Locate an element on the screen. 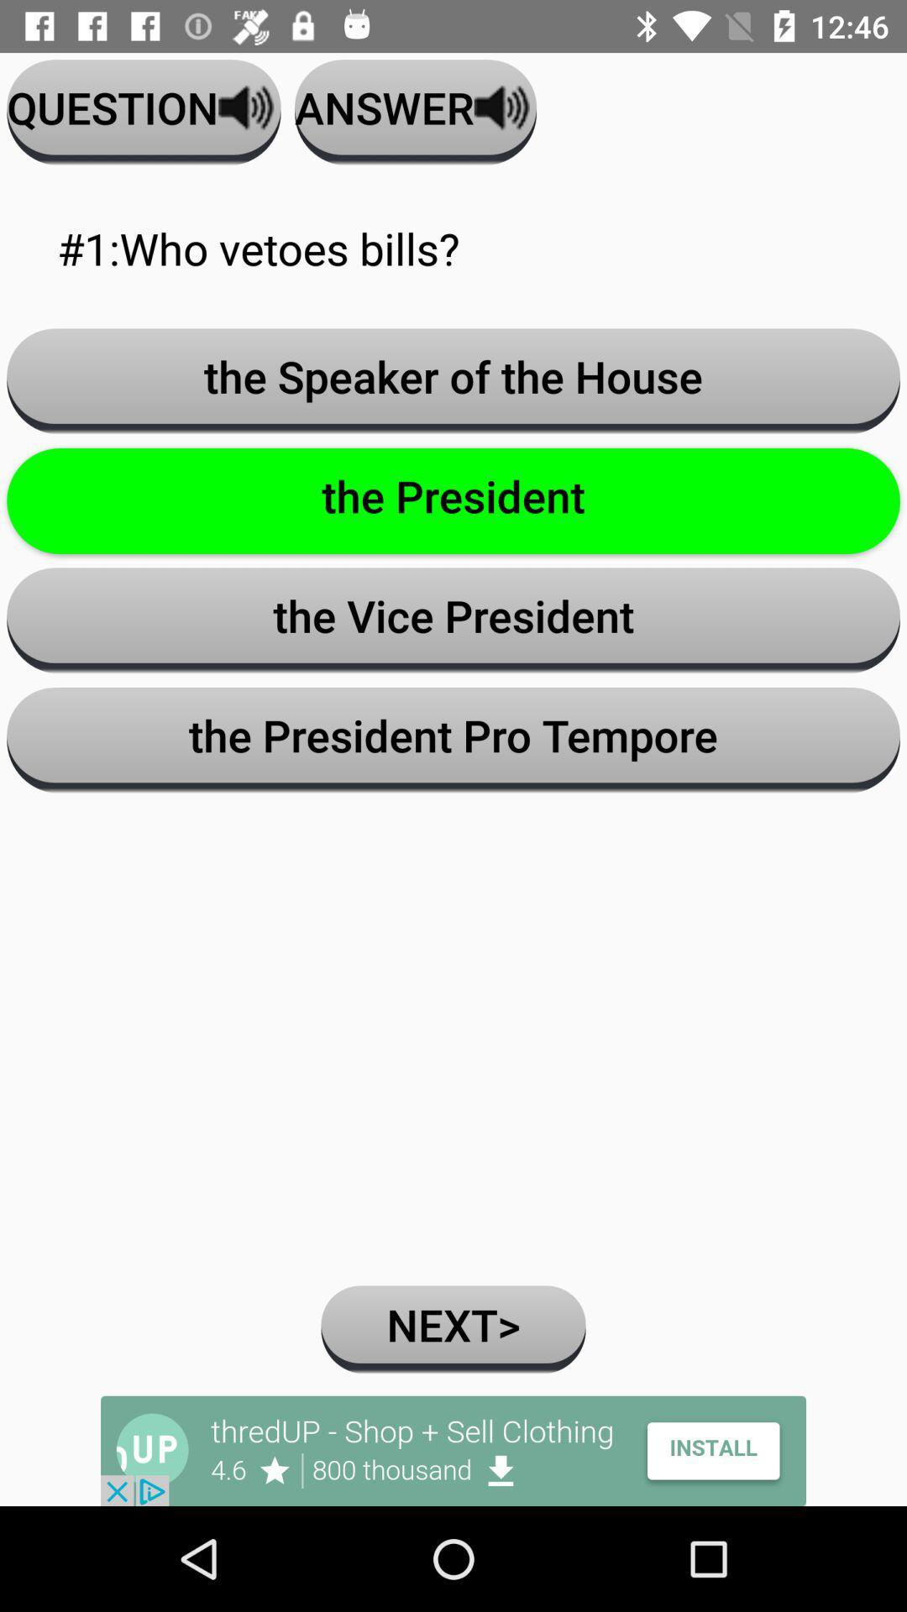  app install is located at coordinates (453, 1450).